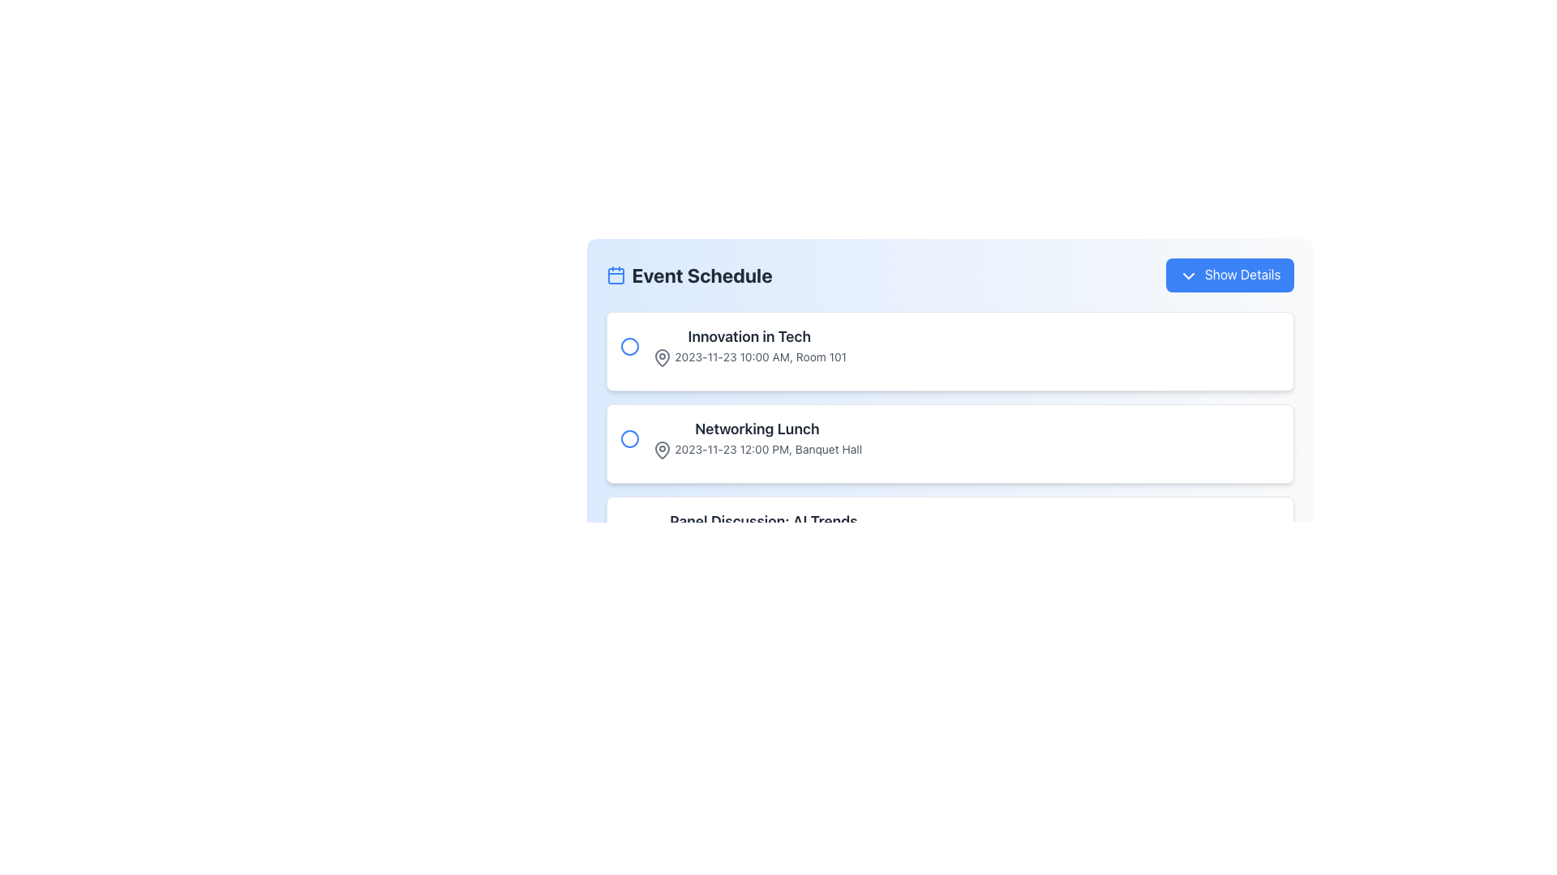 Image resolution: width=1557 pixels, height=875 pixels. I want to click on the Text Label displaying details about the event 'Networking Lunch', which follows the title and provides information about date, time, and location, so click(756, 450).